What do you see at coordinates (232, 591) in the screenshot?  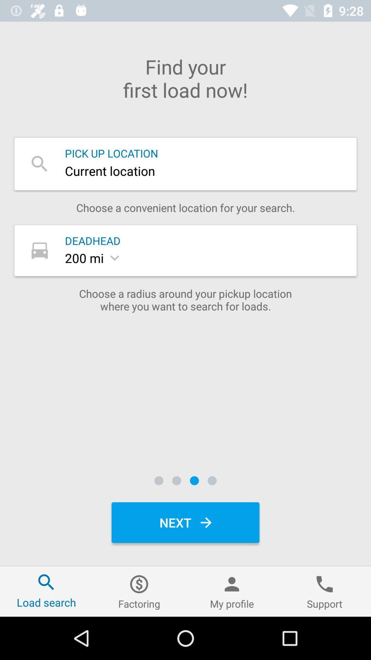 I see `the my profile item` at bounding box center [232, 591].